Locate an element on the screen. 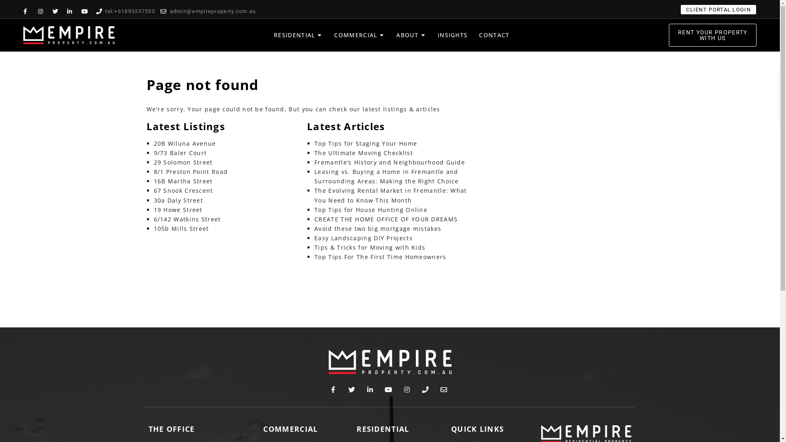 The image size is (786, 442). 'The Ultimate Moving Checklist' is located at coordinates (363, 153).